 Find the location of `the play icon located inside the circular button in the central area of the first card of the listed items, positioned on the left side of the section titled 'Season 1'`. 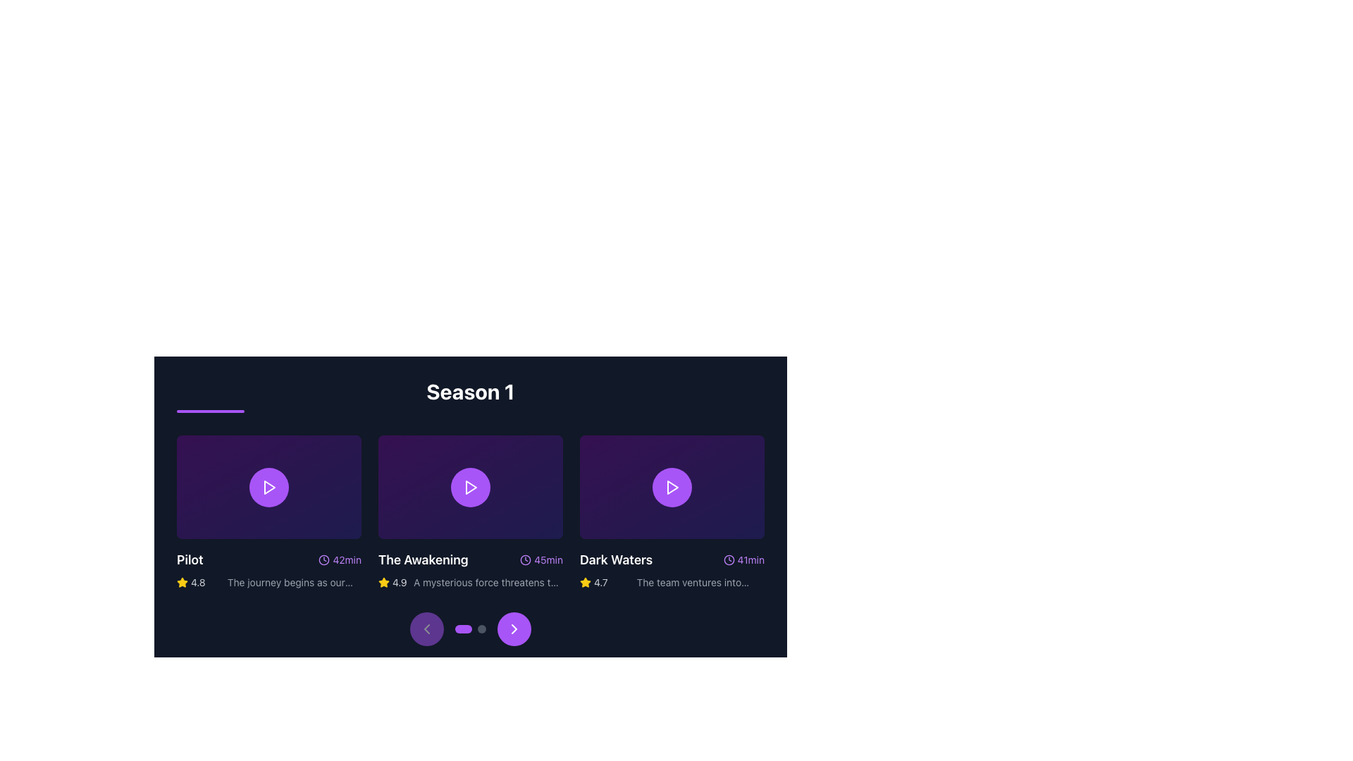

the play icon located inside the circular button in the central area of the first card of the listed items, positioned on the left side of the section titled 'Season 1' is located at coordinates (269, 485).